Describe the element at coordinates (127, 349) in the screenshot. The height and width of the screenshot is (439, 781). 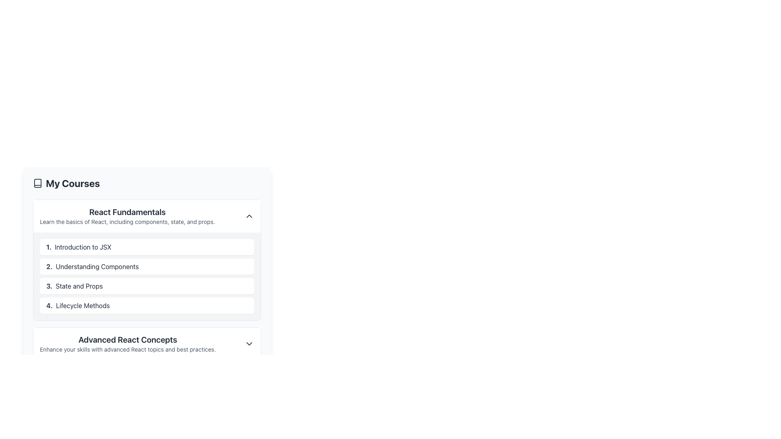
I see `descriptive text element located below the course title 'Advanced React Concepts' in the course details section` at that location.